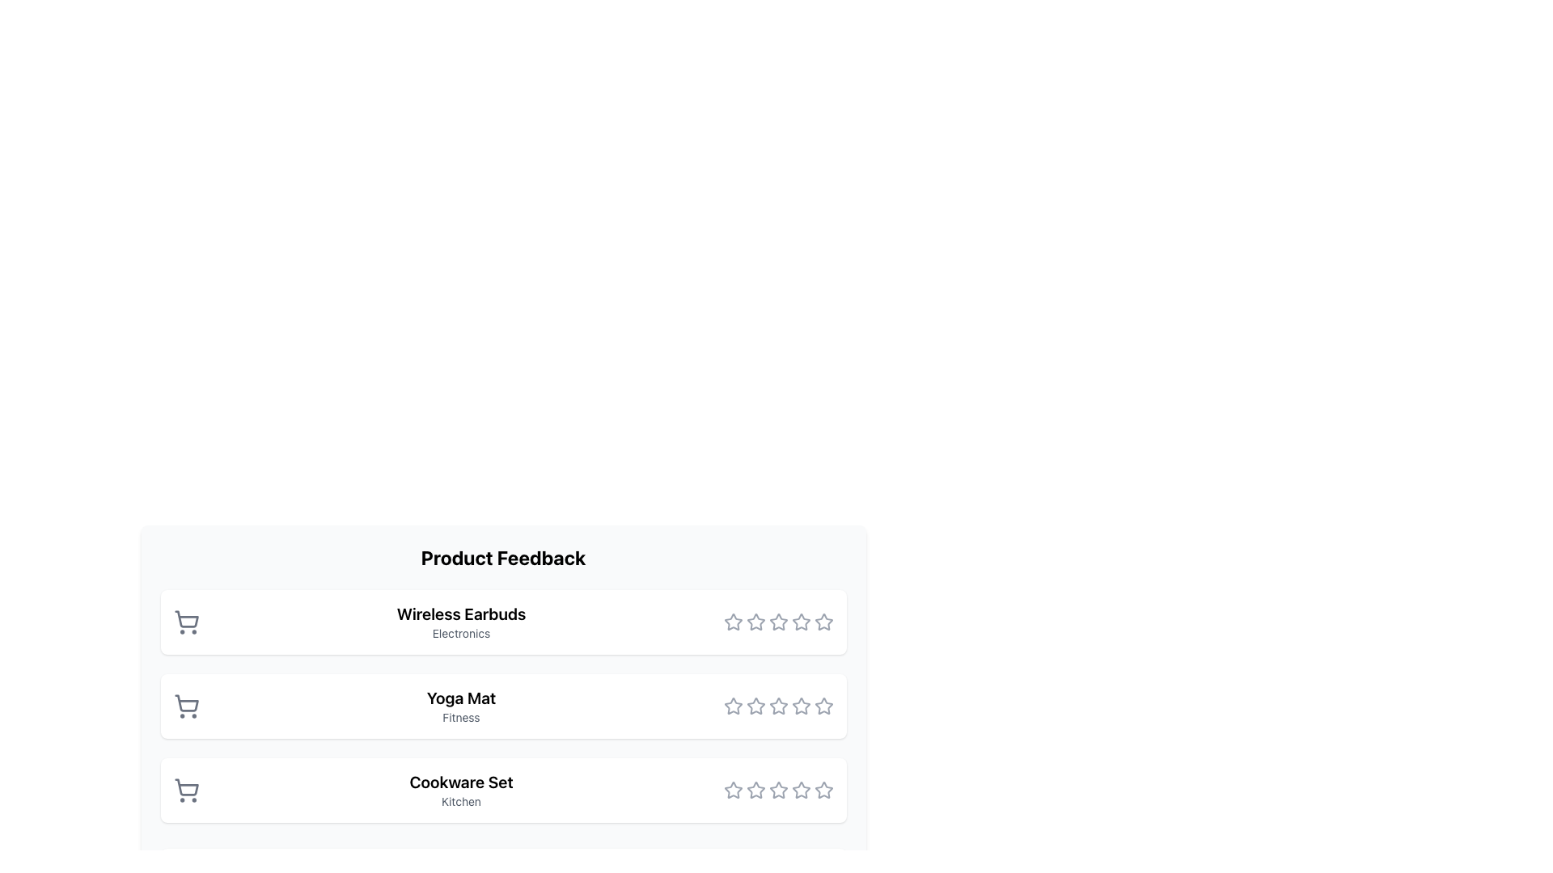 The image size is (1553, 873). What do you see at coordinates (186, 618) in the screenshot?
I see `the shopping cart icon located to the left of the 'Wireless Earbuds' text in the first item of the vertical list` at bounding box center [186, 618].